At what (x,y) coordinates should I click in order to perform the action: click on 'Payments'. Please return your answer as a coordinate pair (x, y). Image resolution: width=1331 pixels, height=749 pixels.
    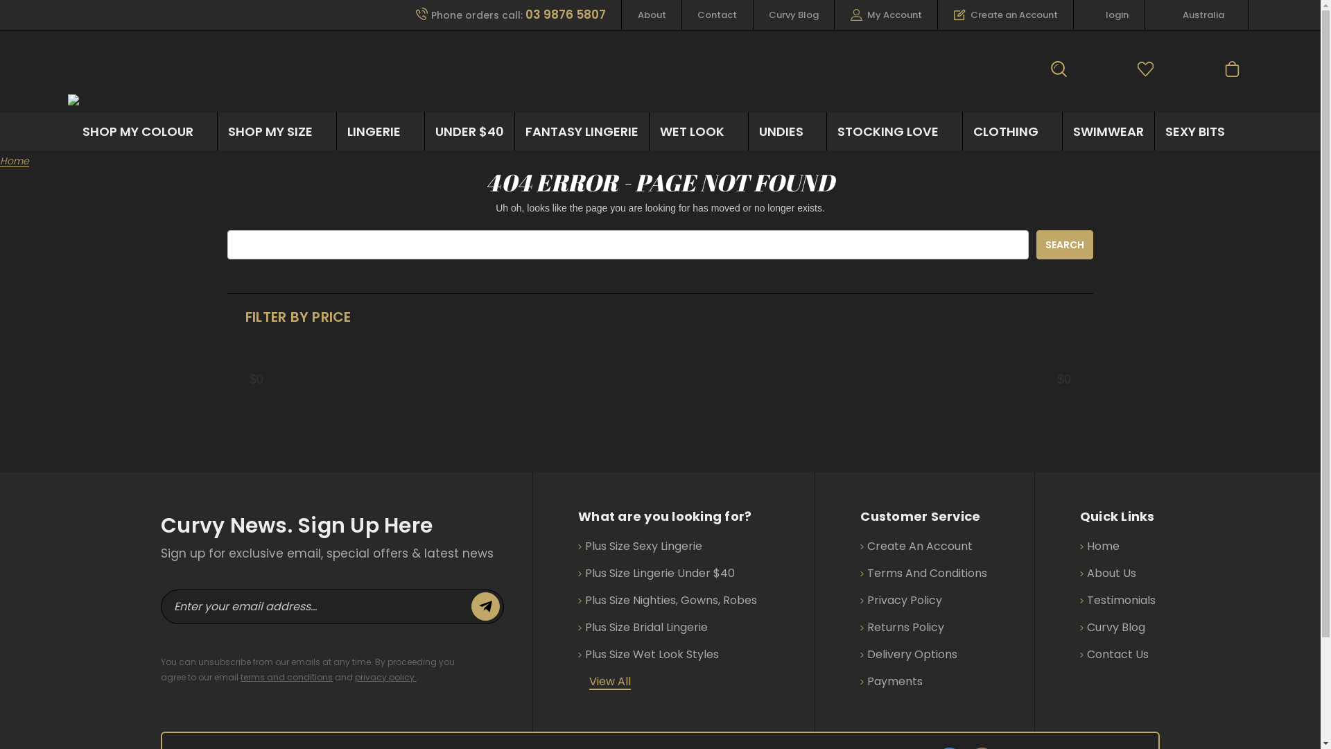
    Looking at the image, I should click on (891, 681).